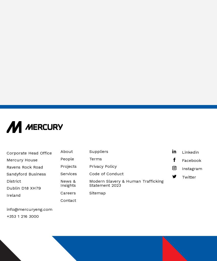 Image resolution: width=217 pixels, height=261 pixels. What do you see at coordinates (60, 166) in the screenshot?
I see `'Projects'` at bounding box center [60, 166].